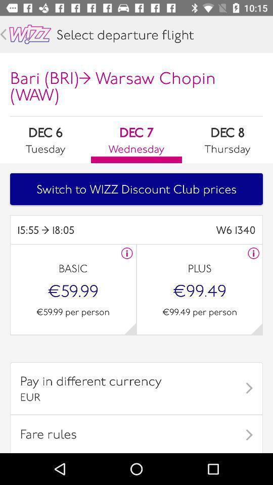 Image resolution: width=273 pixels, height=485 pixels. Describe the element at coordinates (76, 230) in the screenshot. I see `the icon below the switch to wizz` at that location.